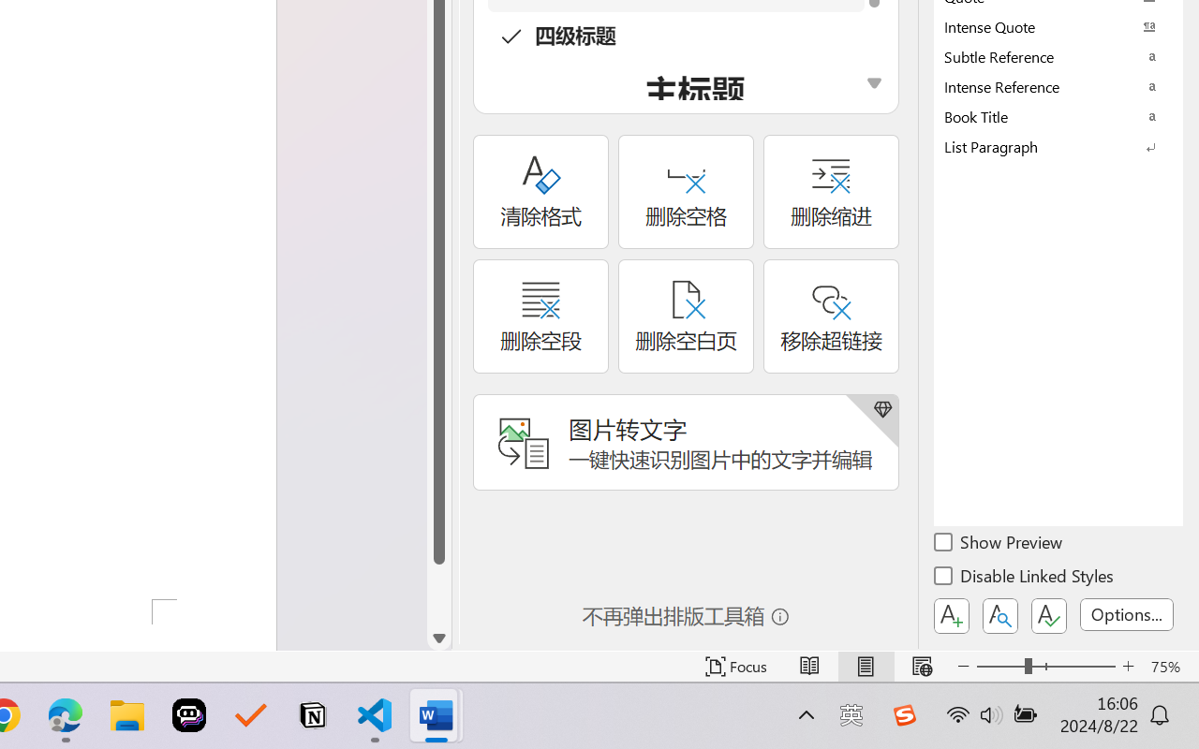 The image size is (1199, 749). What do you see at coordinates (1126, 613) in the screenshot?
I see `'Options...'` at bounding box center [1126, 613].